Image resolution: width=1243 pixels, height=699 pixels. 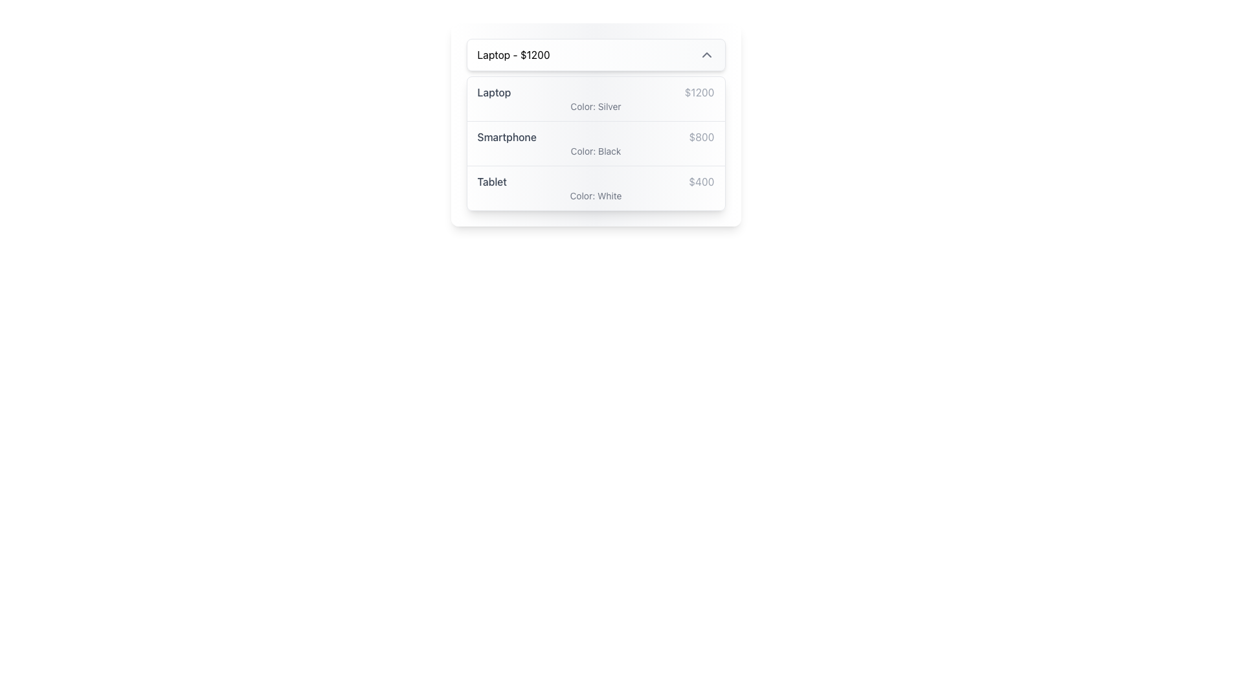 What do you see at coordinates (595, 188) in the screenshot?
I see `product information displayed in the static text block for the 'Tablet', located below the 'Smartphone' list item` at bounding box center [595, 188].